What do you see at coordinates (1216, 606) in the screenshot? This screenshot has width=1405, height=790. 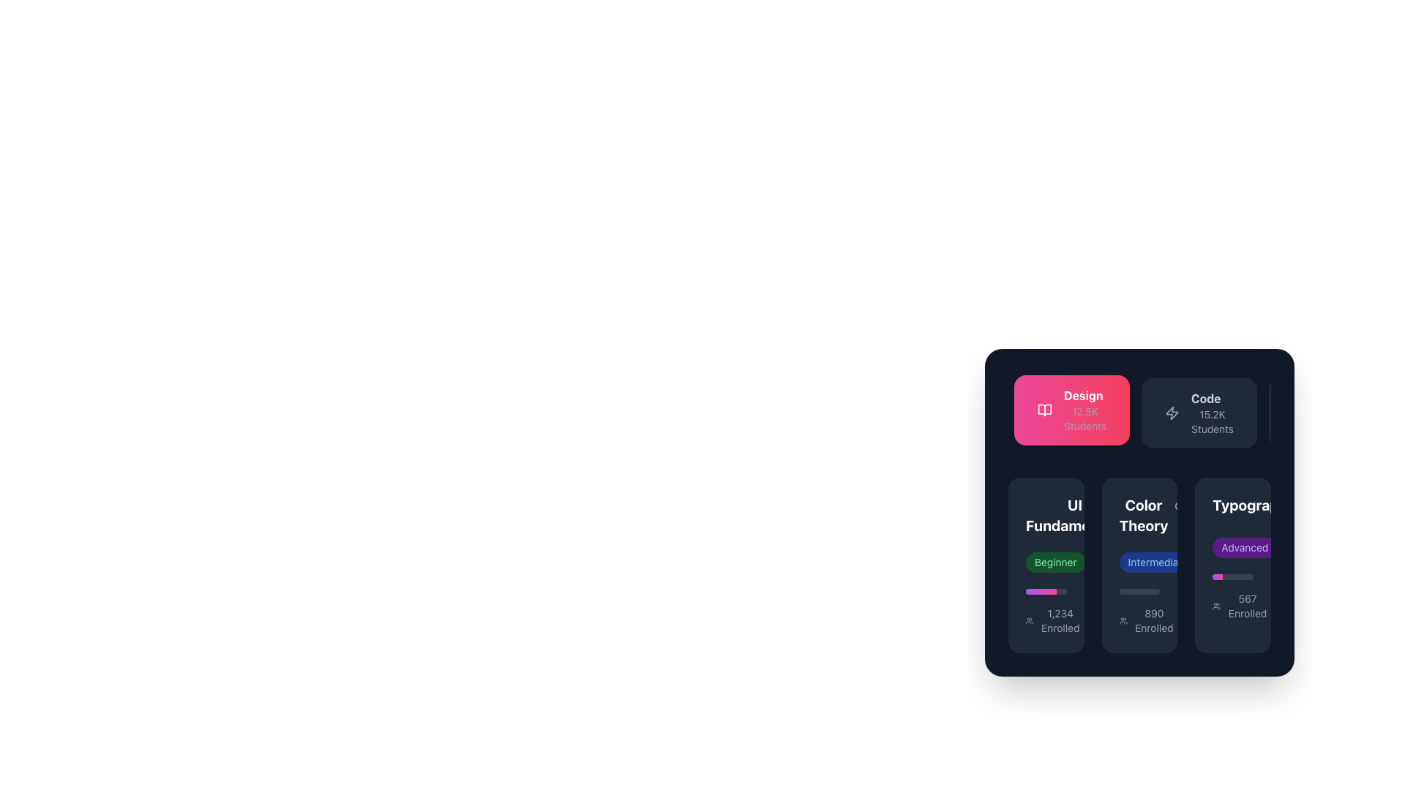 I see `the icon indicating the total number of enrolled participants, located to the left of the text '567 Enrolled'` at bounding box center [1216, 606].